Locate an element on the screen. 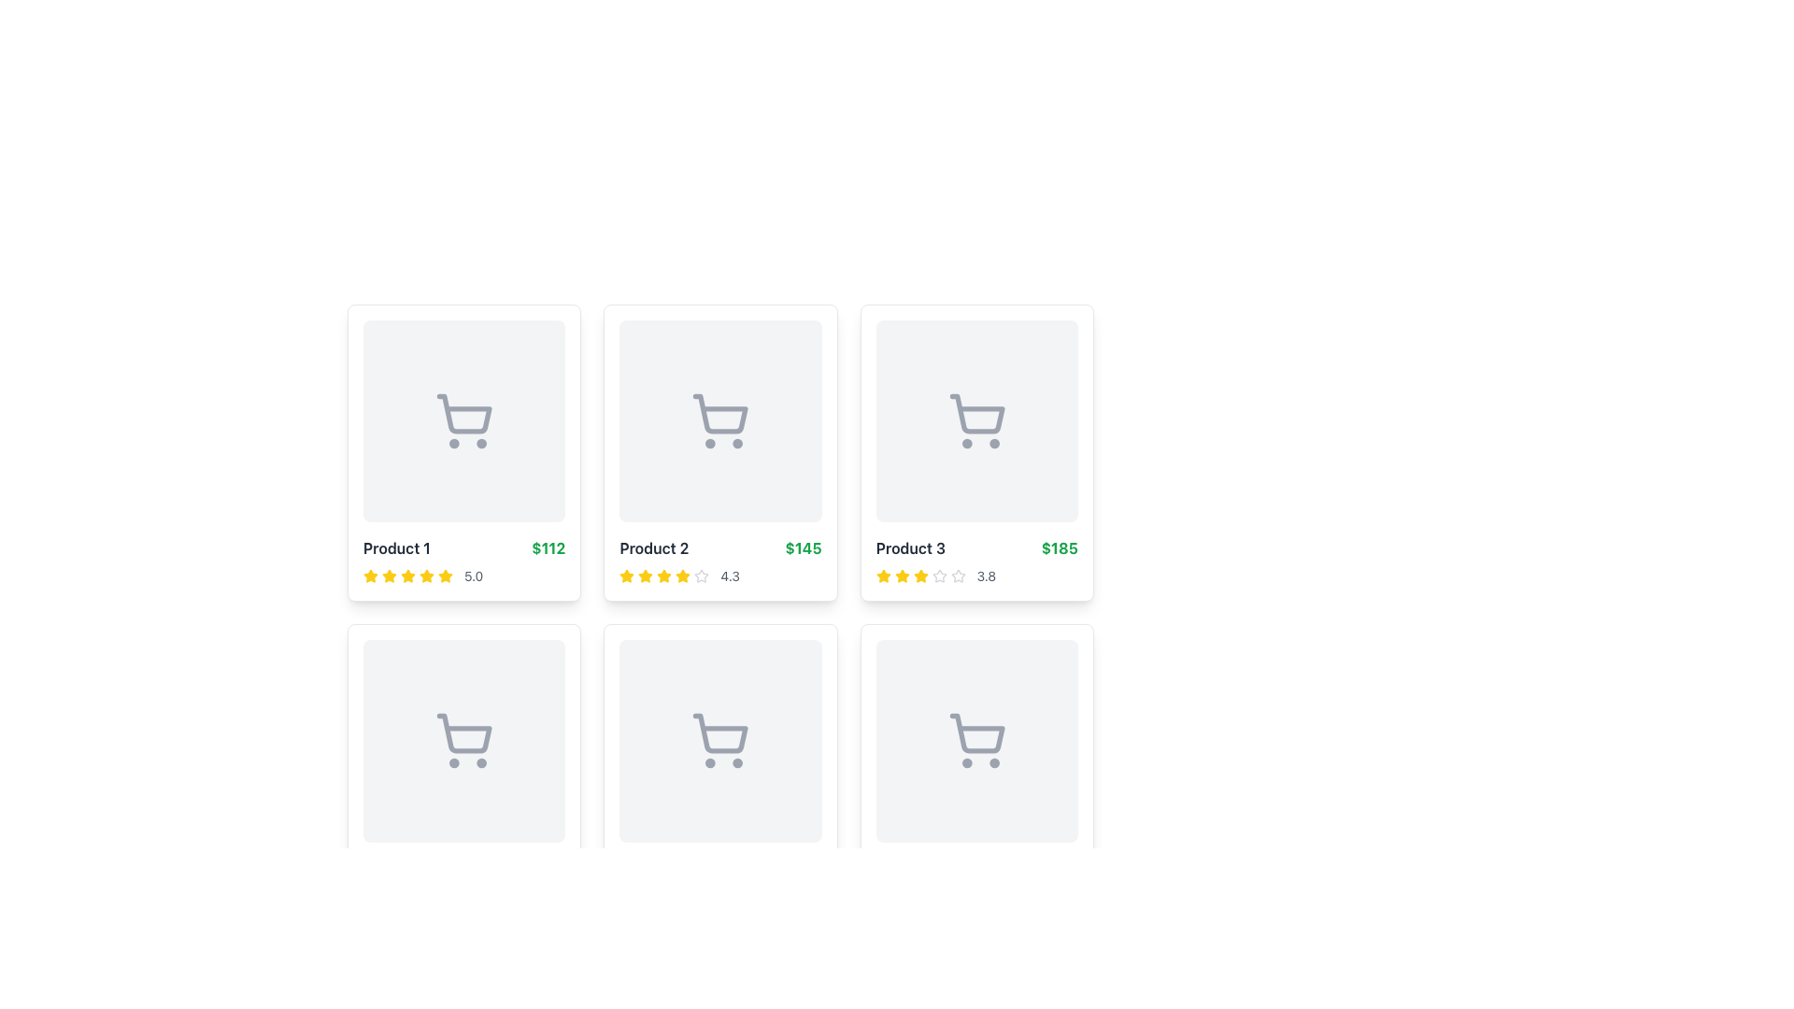  the text displaying the average rating of 'Product 3', located in the rating section to the right of the star icons is located at coordinates (985, 576).